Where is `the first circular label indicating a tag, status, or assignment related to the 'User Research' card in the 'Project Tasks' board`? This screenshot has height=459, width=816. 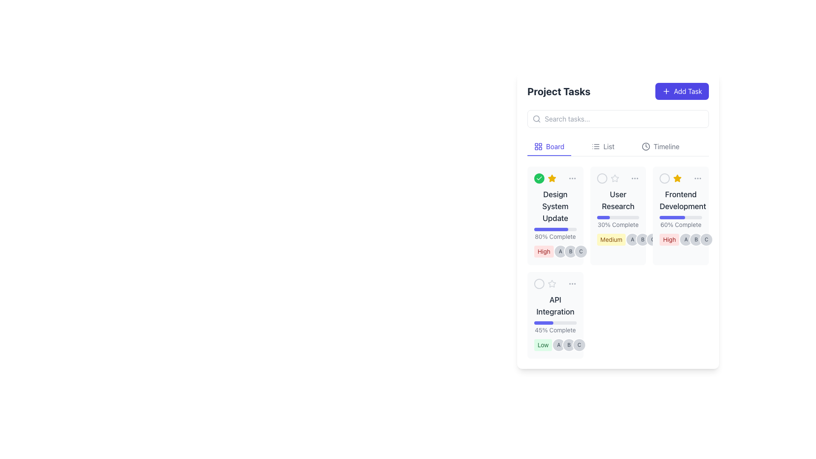
the first circular label indicating a tag, status, or assignment related to the 'User Research' card in the 'Project Tasks' board is located at coordinates (632, 239).